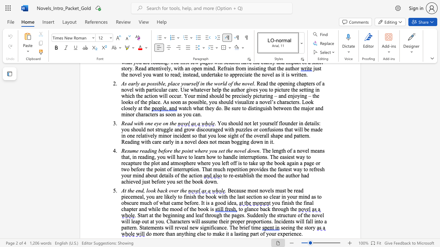 This screenshot has height=247, width=440. I want to click on the subset text "nis" within the text "you finish the", so click(285, 202).